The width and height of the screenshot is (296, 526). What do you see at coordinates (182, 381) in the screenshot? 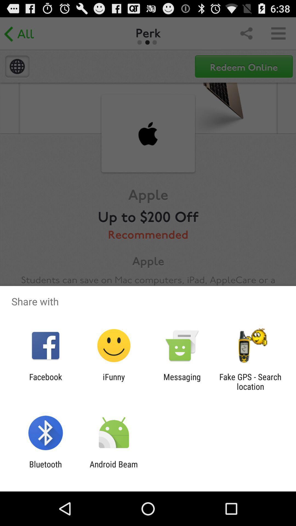
I see `icon to the left of fake gps search app` at bounding box center [182, 381].